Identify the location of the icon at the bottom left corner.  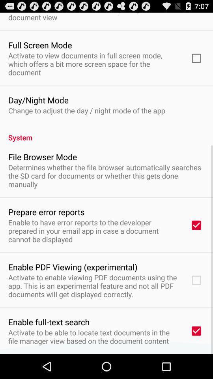
(49, 322).